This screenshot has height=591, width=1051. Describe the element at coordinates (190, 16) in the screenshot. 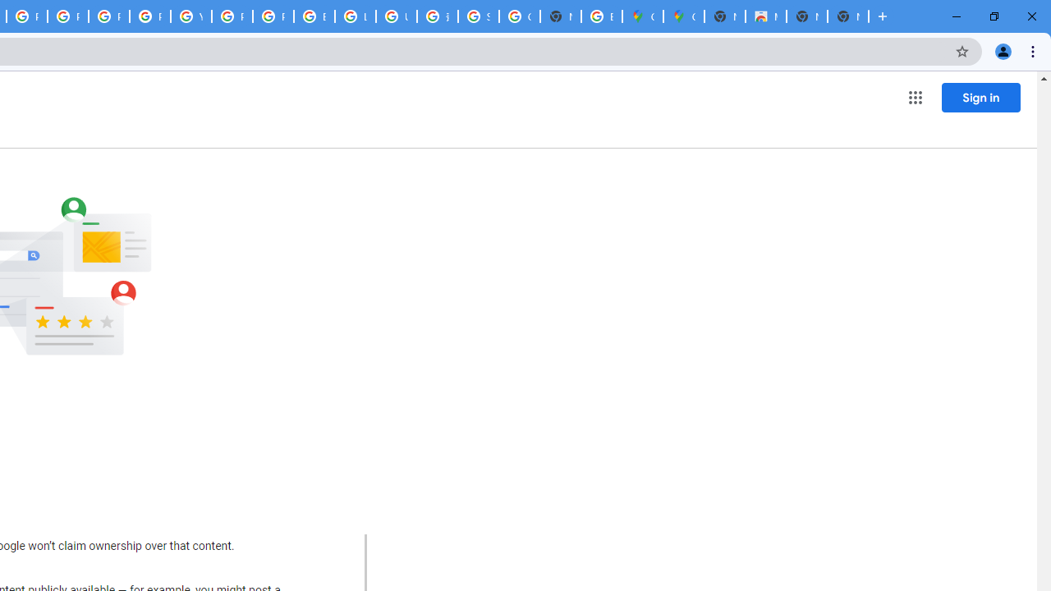

I see `'YouTube'` at that location.